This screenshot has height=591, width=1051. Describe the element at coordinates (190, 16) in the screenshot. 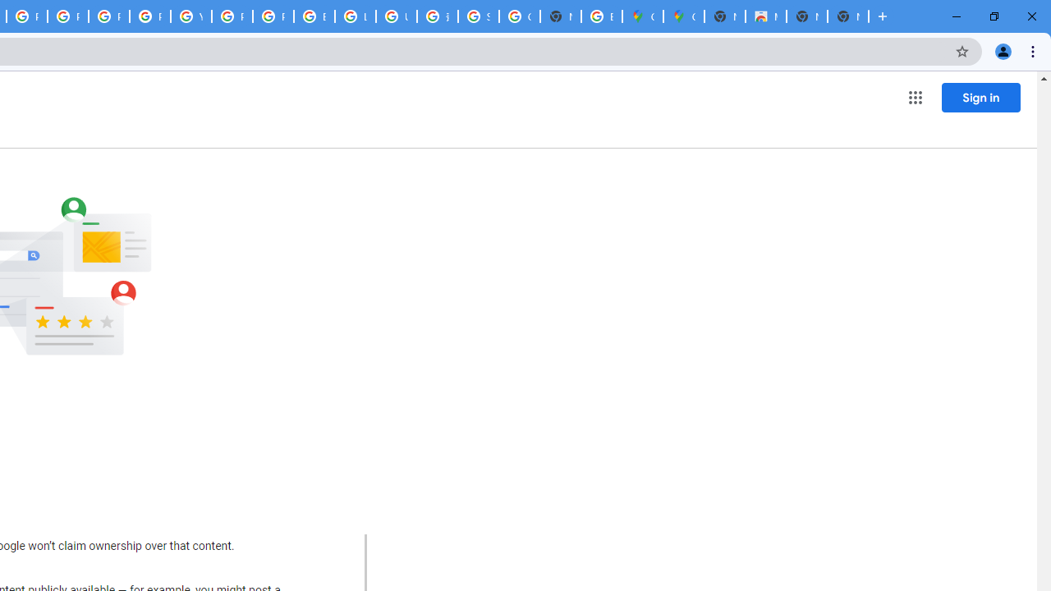

I see `'YouTube'` at that location.